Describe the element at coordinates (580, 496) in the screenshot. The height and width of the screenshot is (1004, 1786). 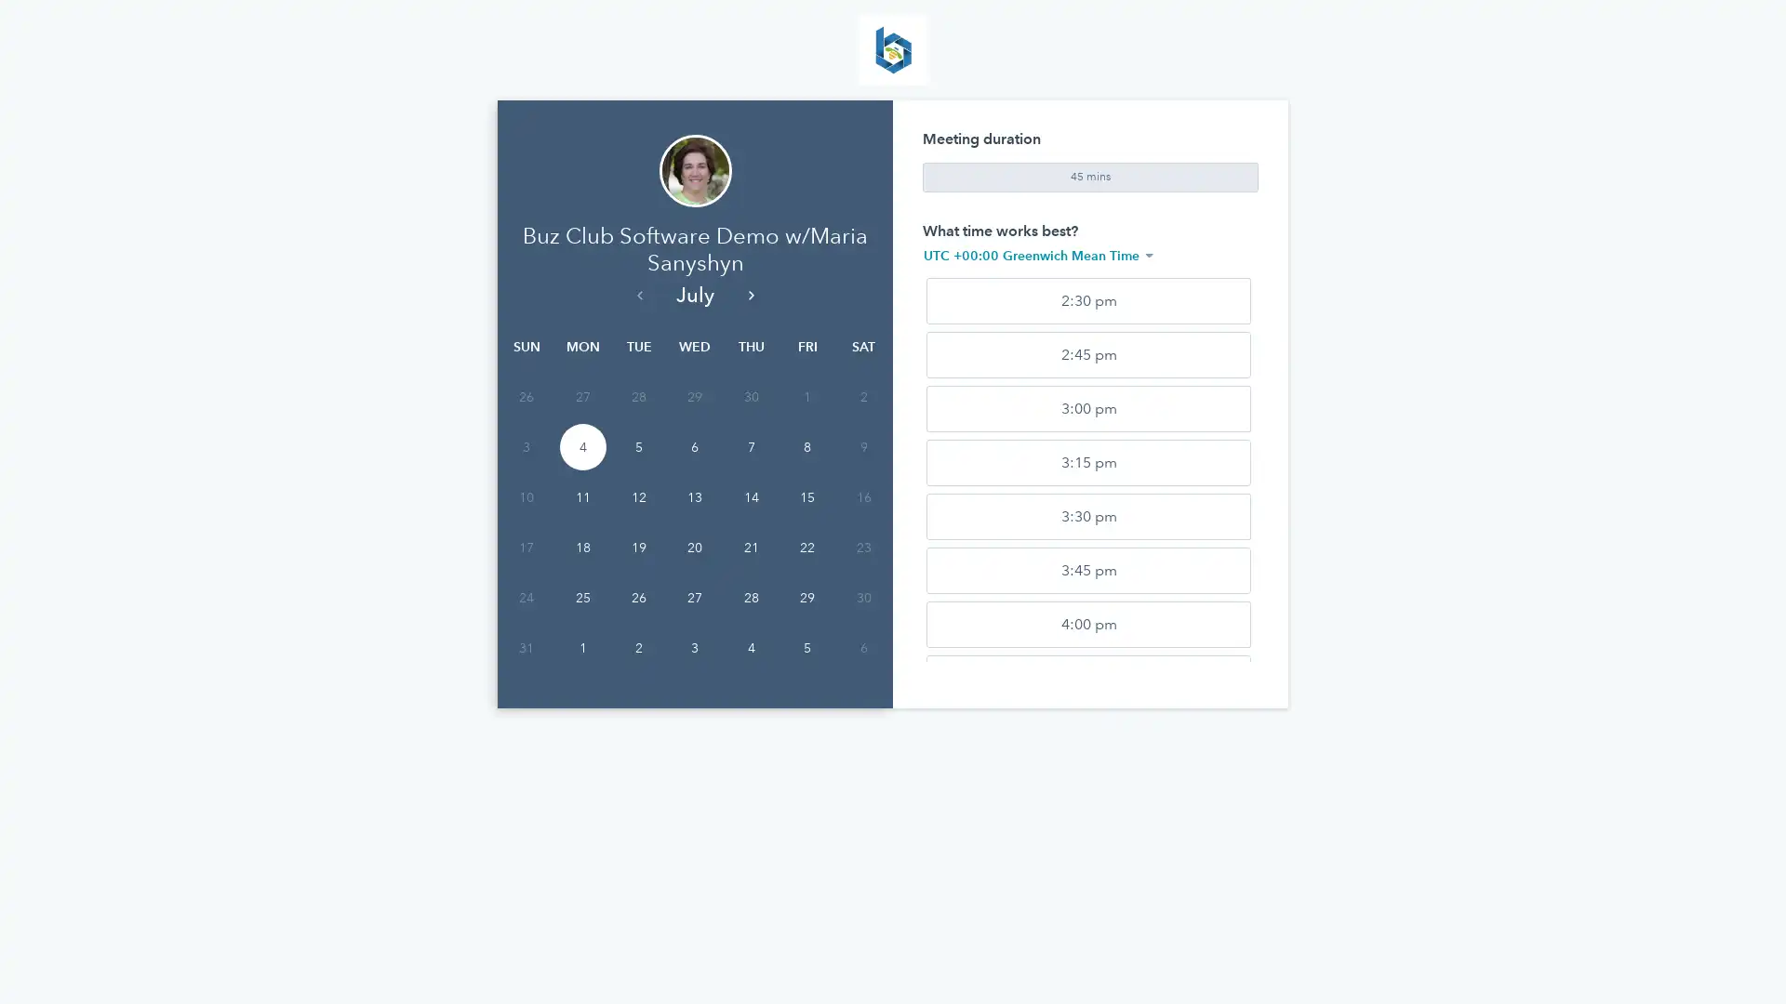
I see `July 11th` at that location.